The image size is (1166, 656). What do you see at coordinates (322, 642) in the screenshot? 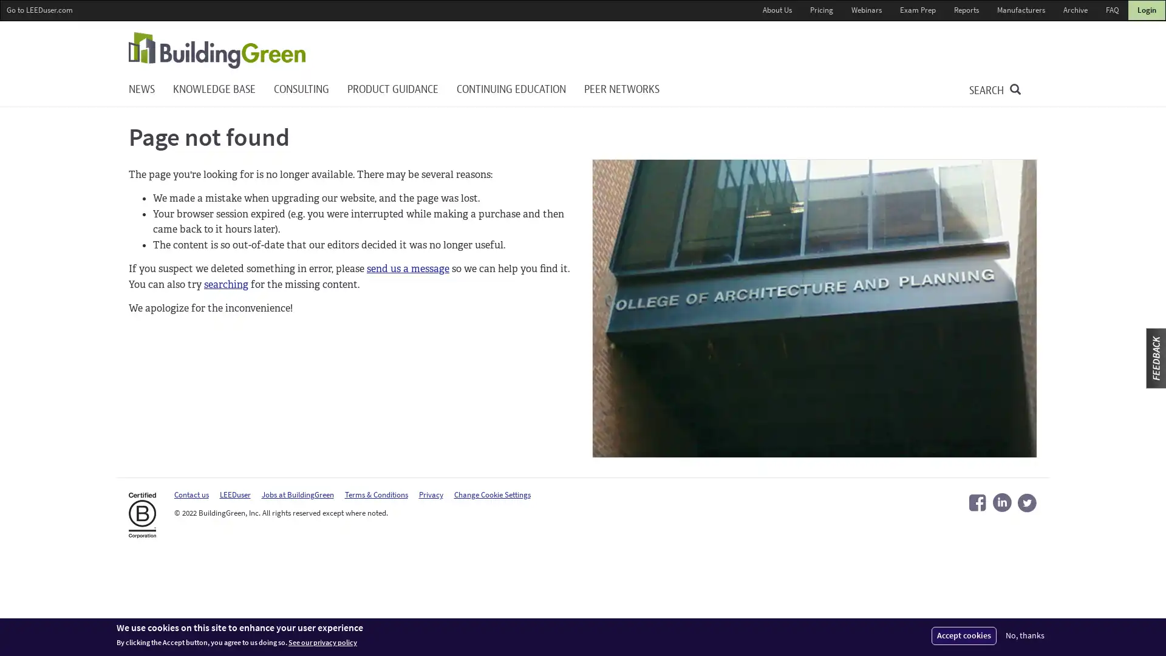
I see `See our privacy policy` at bounding box center [322, 642].